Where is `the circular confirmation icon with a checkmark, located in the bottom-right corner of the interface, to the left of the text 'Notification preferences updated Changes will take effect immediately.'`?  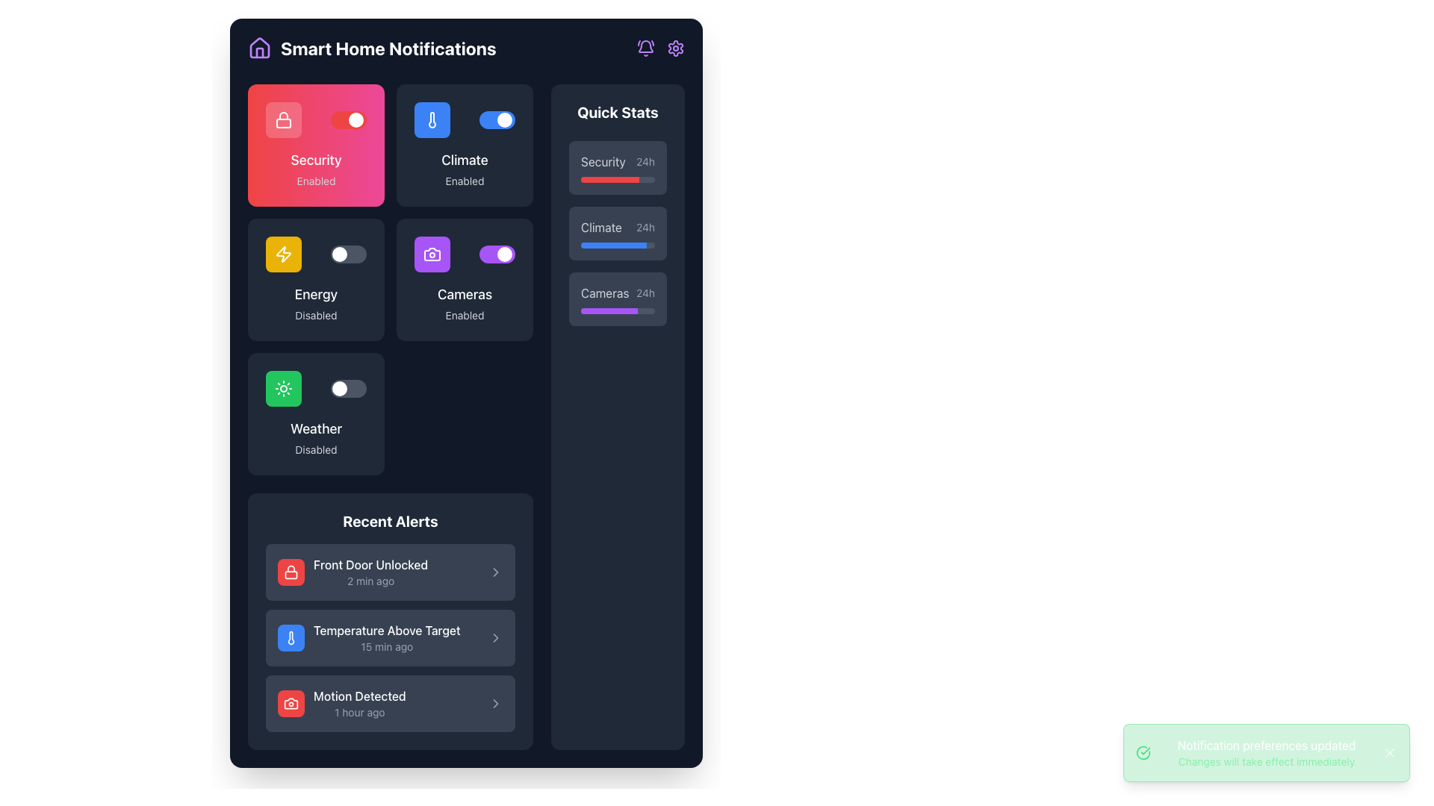
the circular confirmation icon with a checkmark, located in the bottom-right corner of the interface, to the left of the text 'Notification preferences updated Changes will take effect immediately.' is located at coordinates (1143, 753).